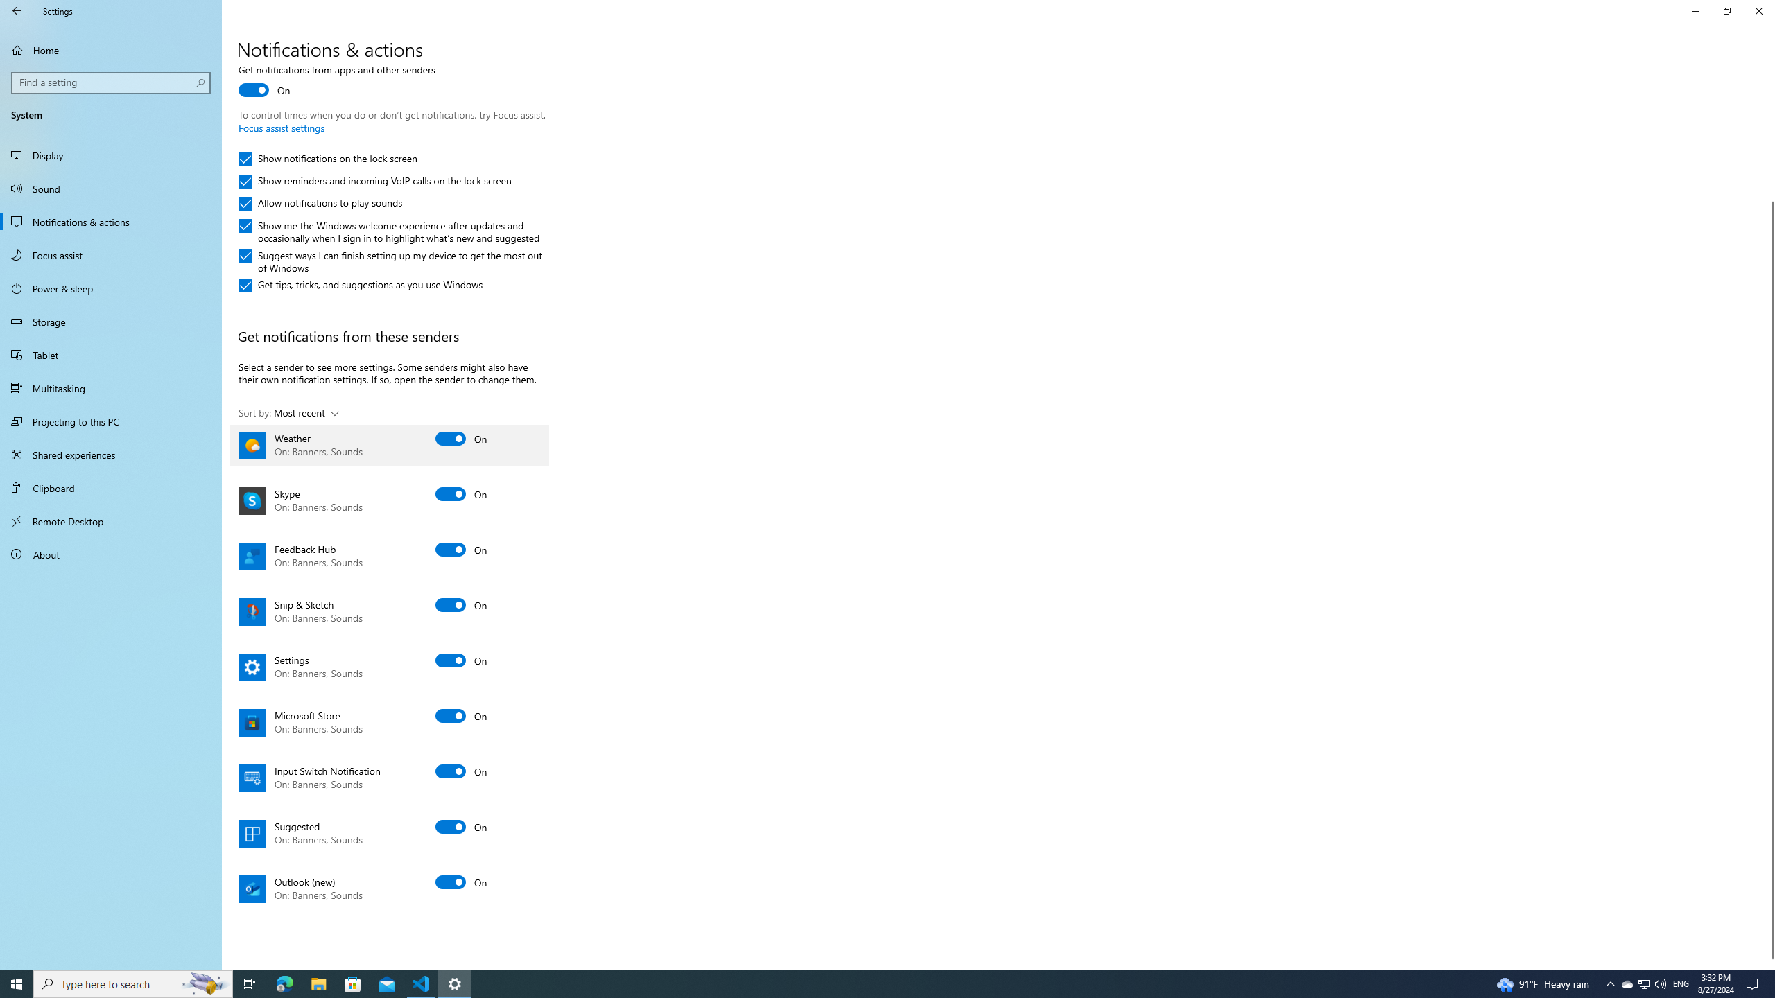 The width and height of the screenshot is (1775, 998). I want to click on 'Home', so click(110, 50).